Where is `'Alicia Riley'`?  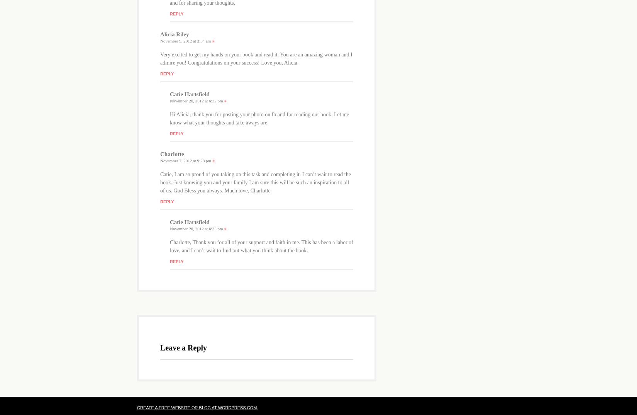
'Alicia Riley' is located at coordinates (174, 34).